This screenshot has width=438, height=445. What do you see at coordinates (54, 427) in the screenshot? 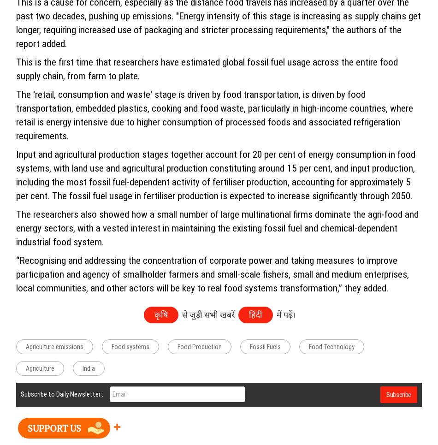
I see `'SUPPORT US'` at bounding box center [54, 427].